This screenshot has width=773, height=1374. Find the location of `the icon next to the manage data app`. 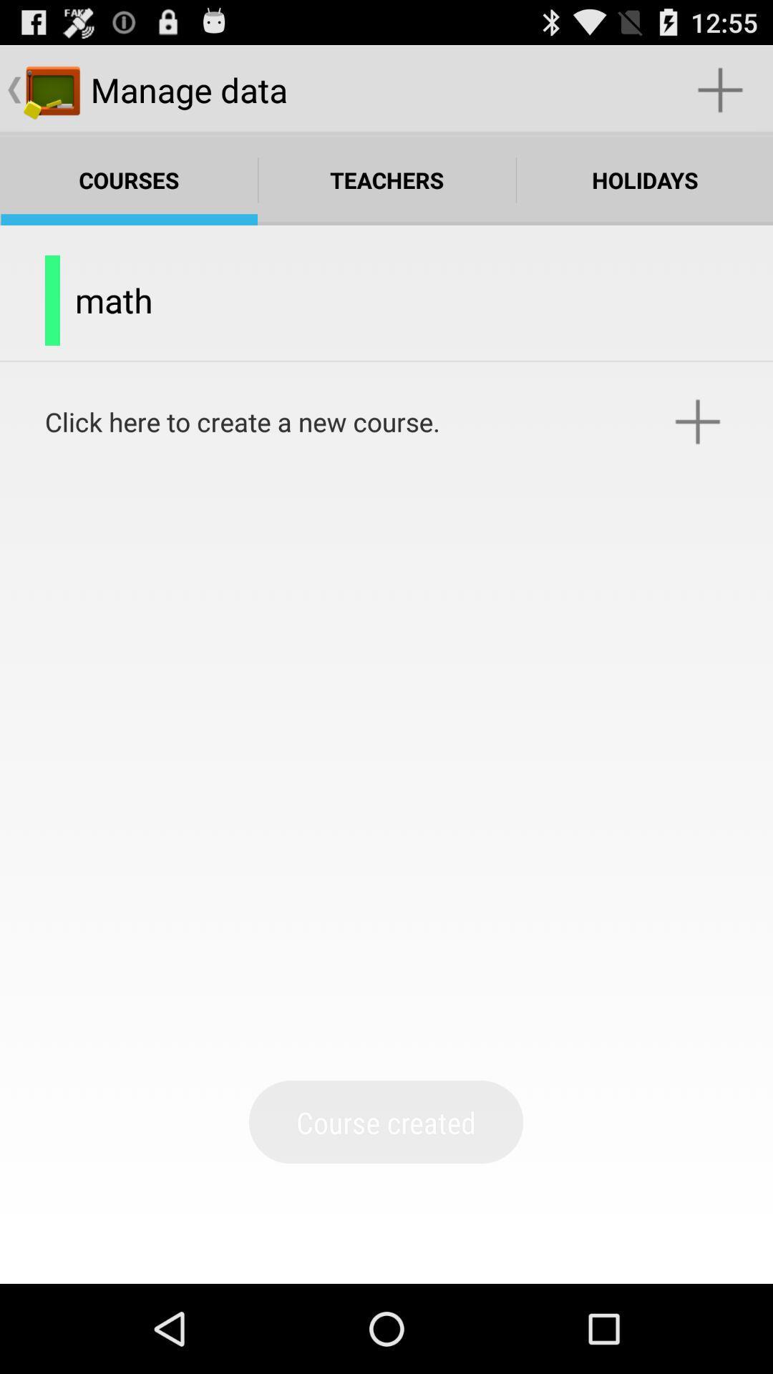

the icon next to the manage data app is located at coordinates (720, 89).